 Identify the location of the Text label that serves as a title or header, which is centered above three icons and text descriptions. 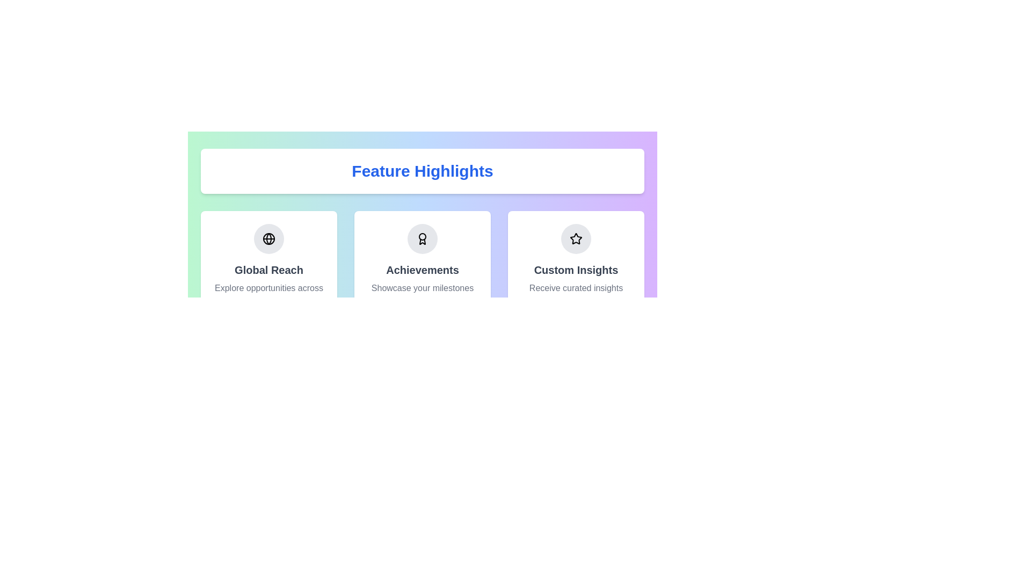
(422, 171).